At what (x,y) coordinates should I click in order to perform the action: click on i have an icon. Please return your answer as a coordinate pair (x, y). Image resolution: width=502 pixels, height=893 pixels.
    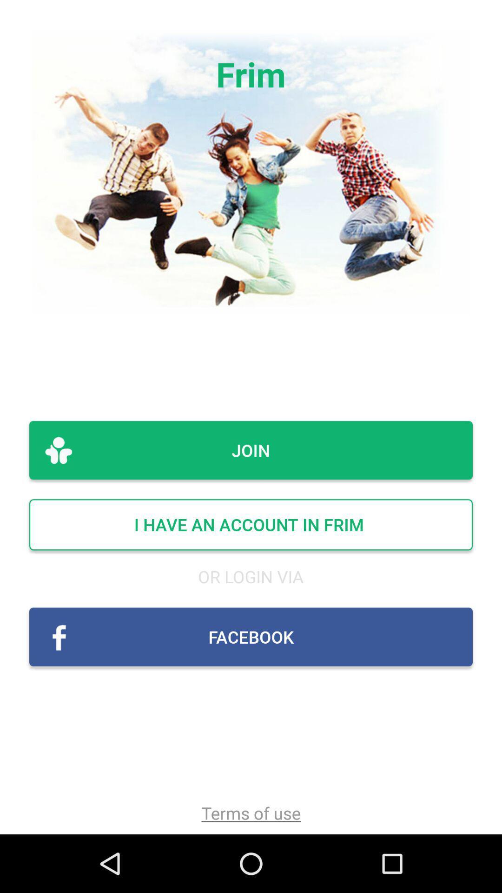
    Looking at the image, I should click on (251, 525).